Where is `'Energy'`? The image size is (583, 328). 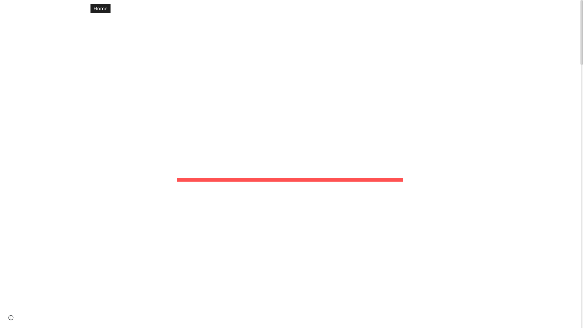
'Energy' is located at coordinates (207, 8).